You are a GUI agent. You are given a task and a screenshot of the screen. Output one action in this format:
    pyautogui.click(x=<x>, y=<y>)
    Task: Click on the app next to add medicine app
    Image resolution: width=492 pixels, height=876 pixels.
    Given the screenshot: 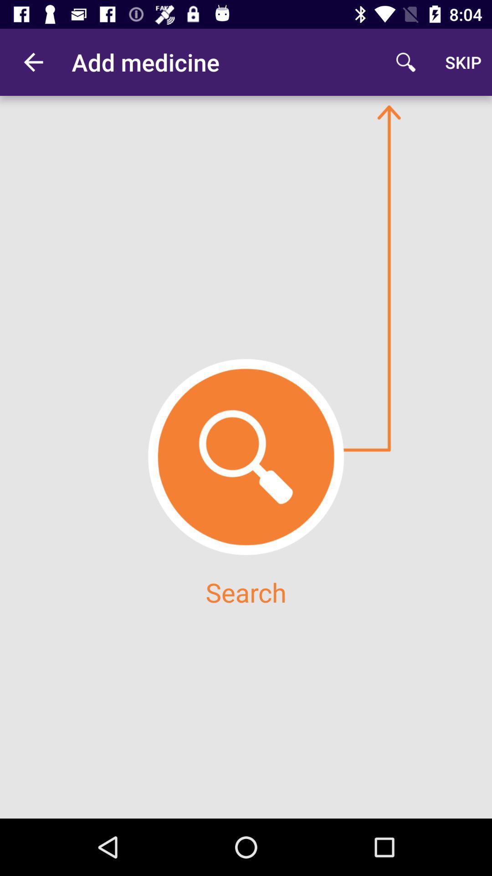 What is the action you would take?
    pyautogui.click(x=405, y=62)
    